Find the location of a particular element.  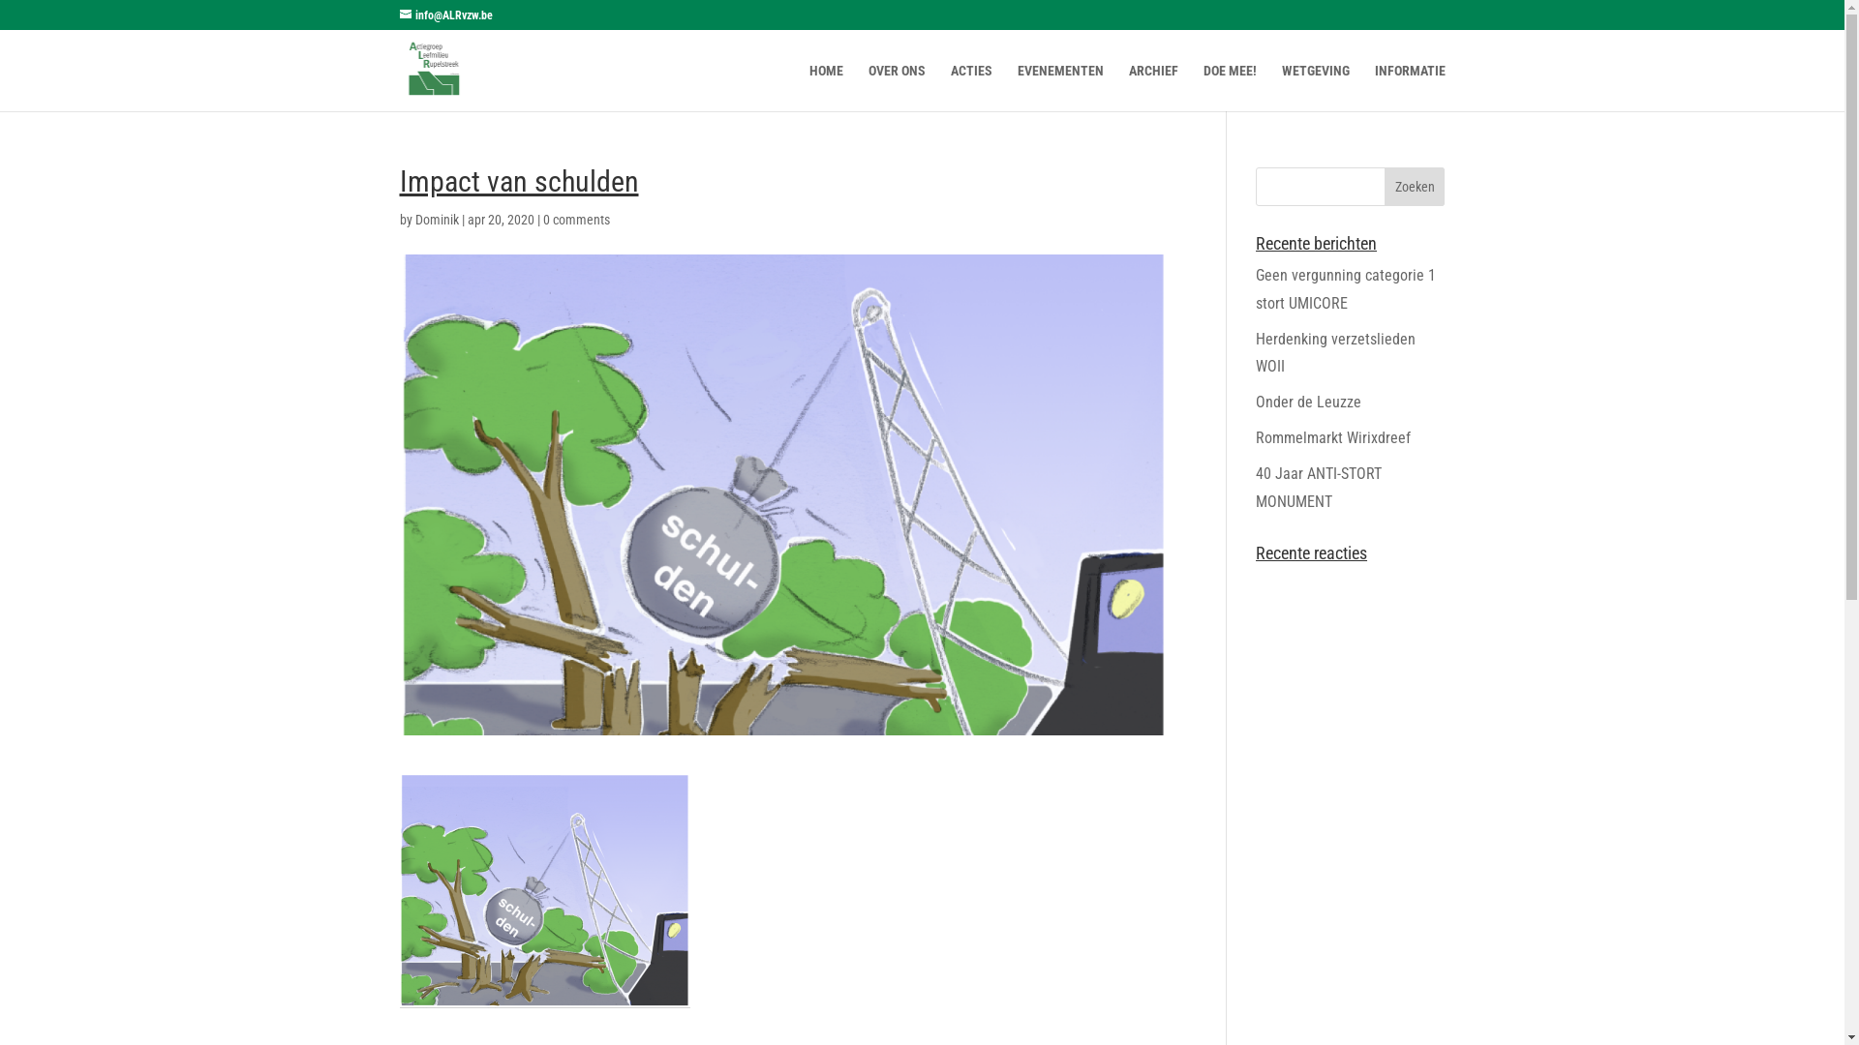

'Dominik' is located at coordinates (435, 219).